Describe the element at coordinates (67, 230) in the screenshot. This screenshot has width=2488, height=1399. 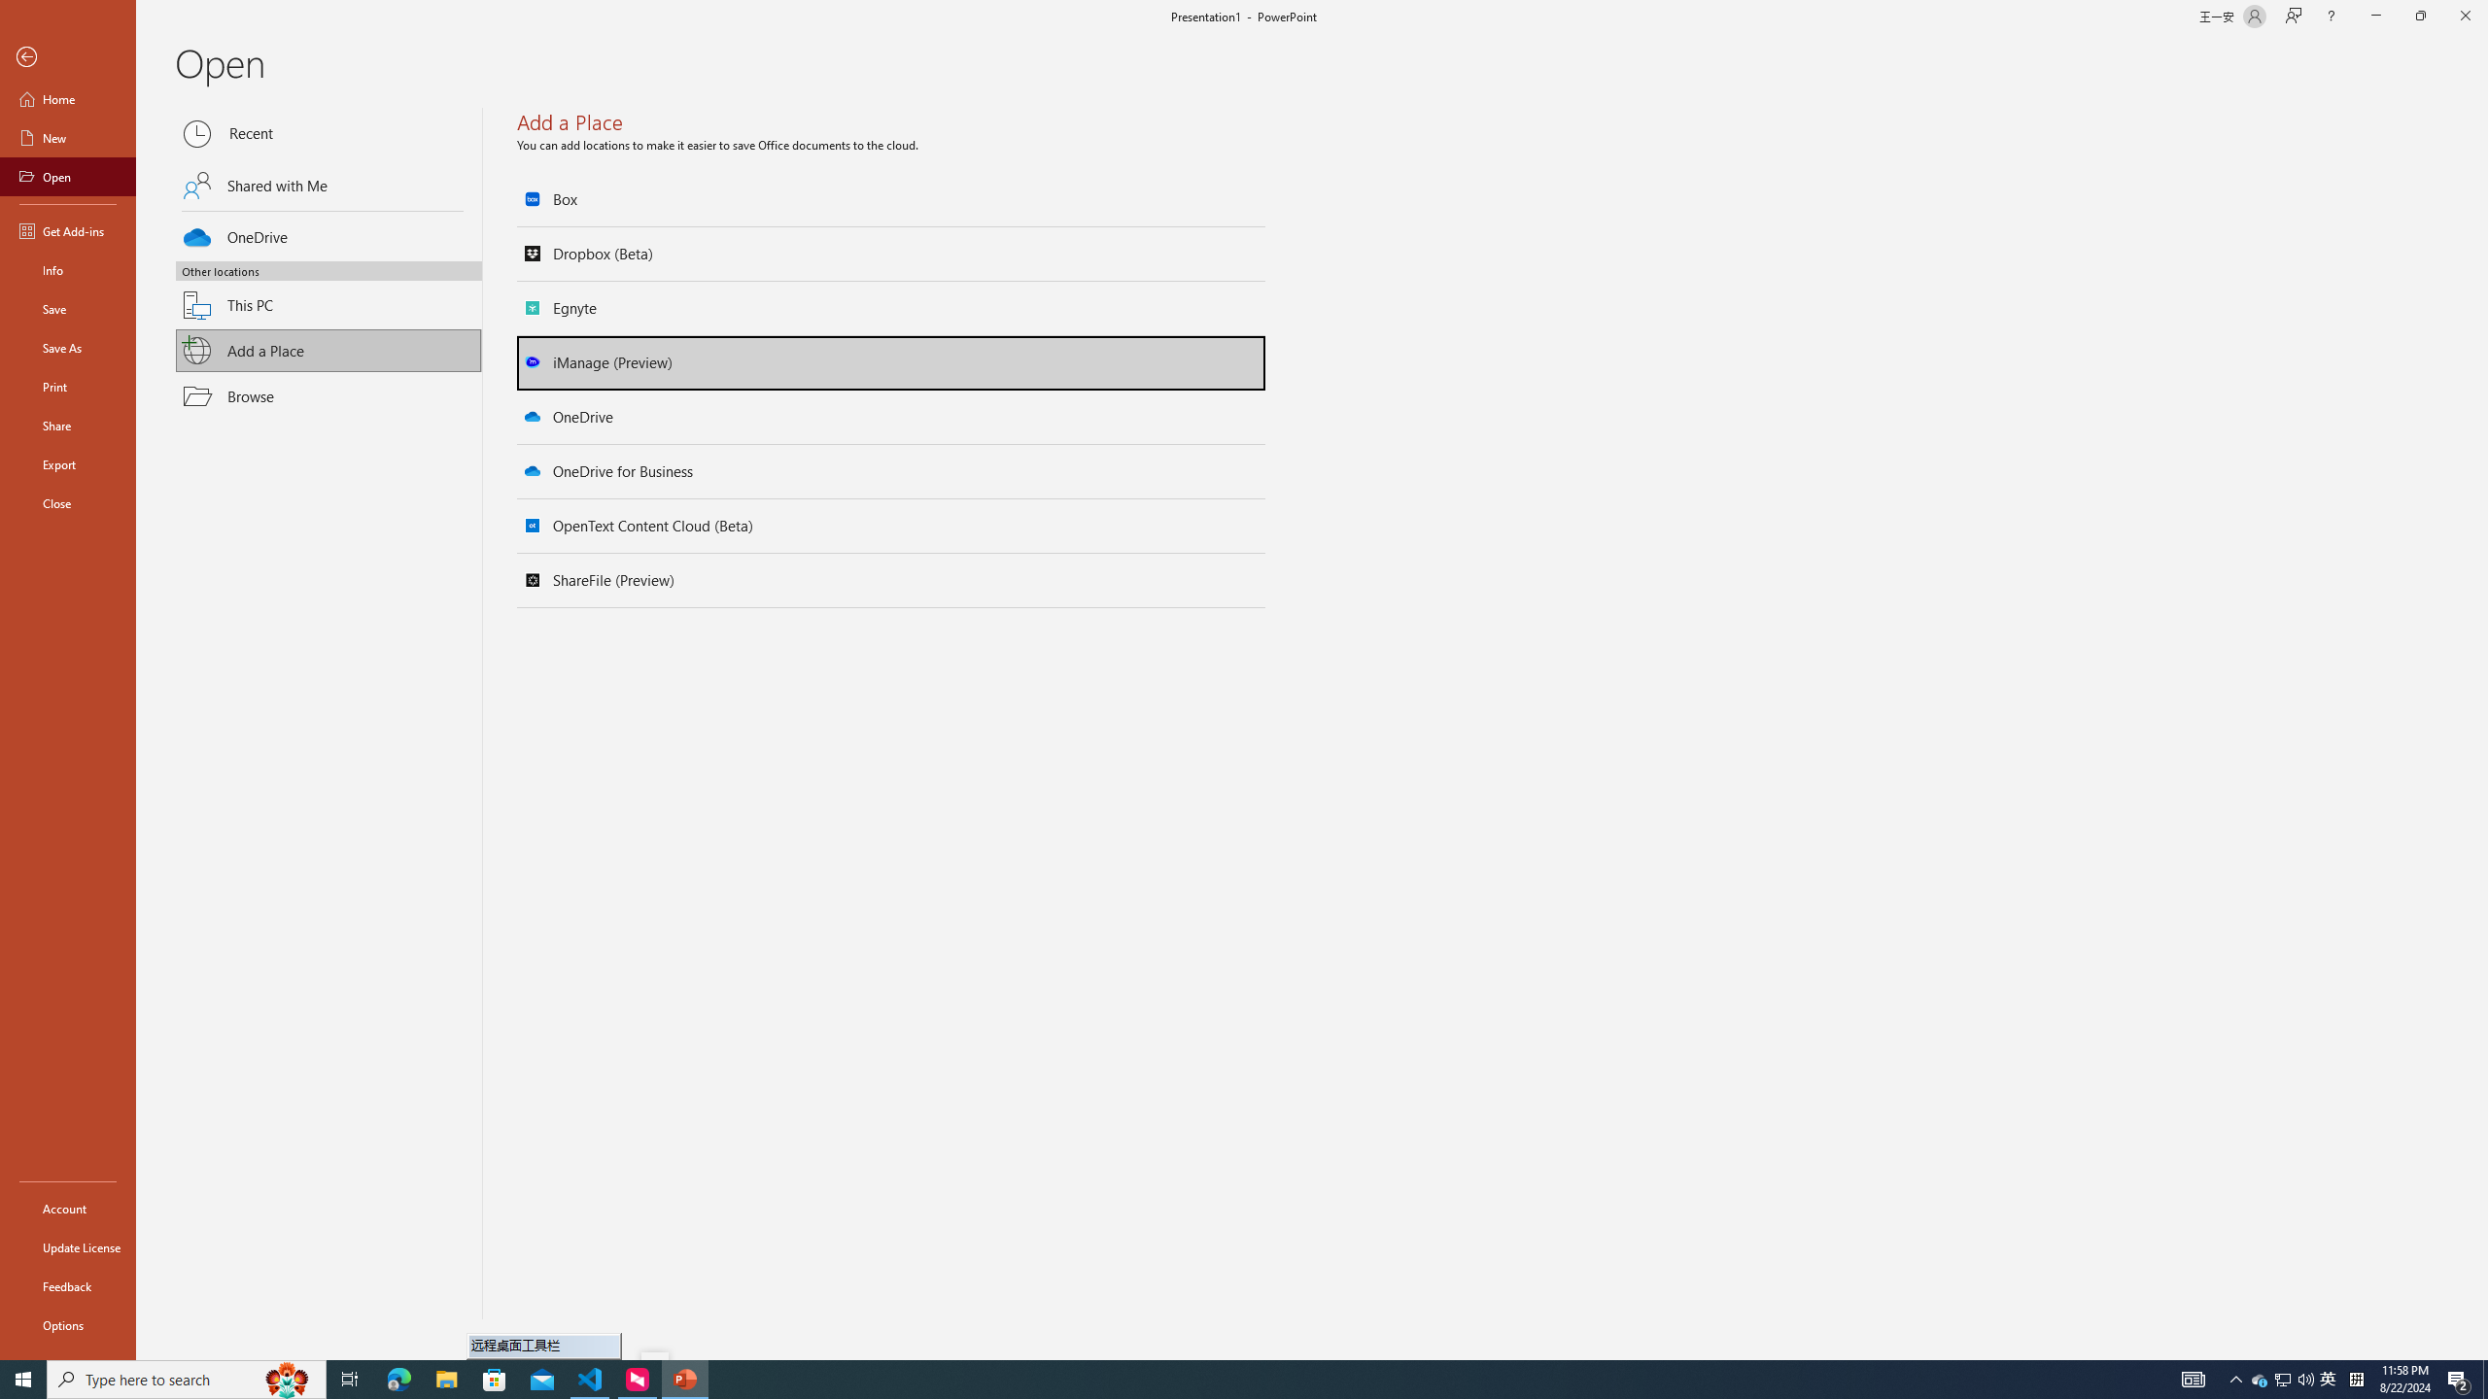
I see `'Get Add-ins'` at that location.